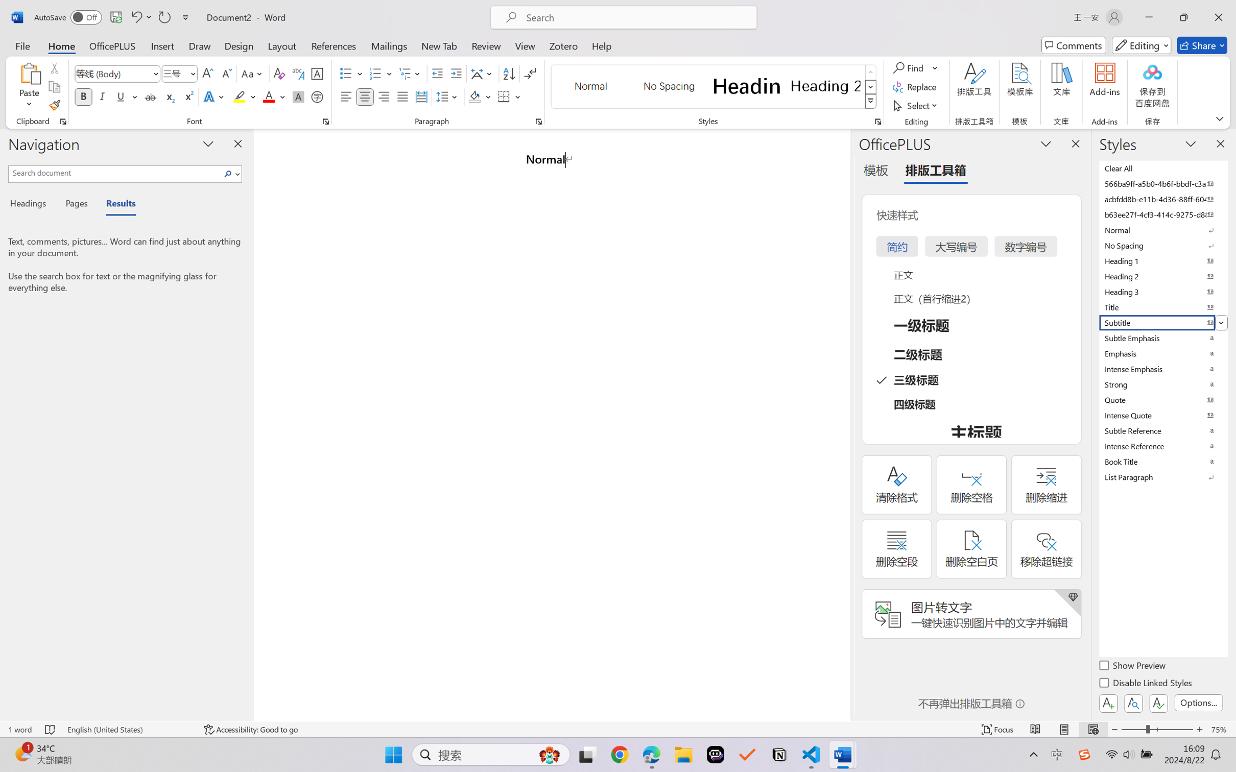 Image resolution: width=1236 pixels, height=772 pixels. I want to click on 'Zoom Out', so click(1133, 729).